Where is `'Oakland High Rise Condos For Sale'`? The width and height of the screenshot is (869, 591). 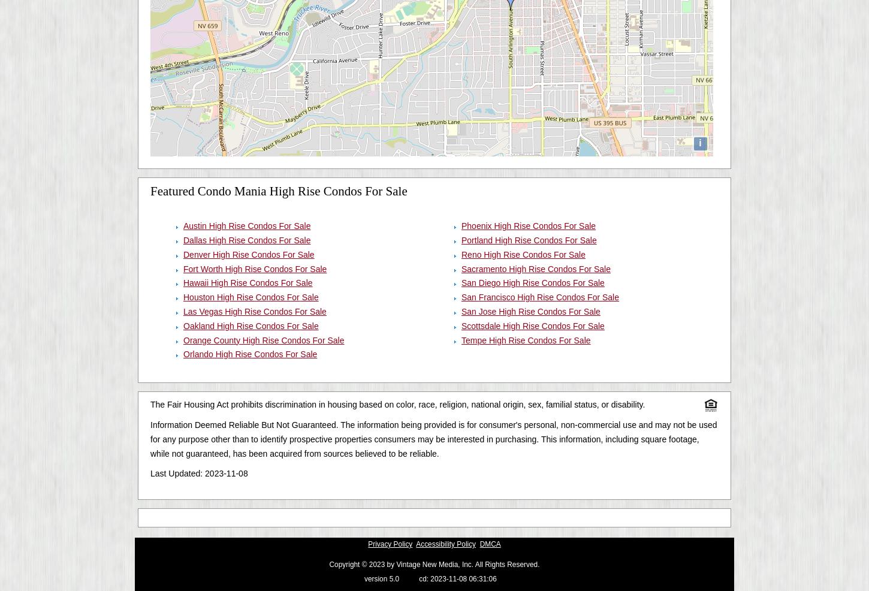 'Oakland High Rise Condos For Sale' is located at coordinates (250, 324).